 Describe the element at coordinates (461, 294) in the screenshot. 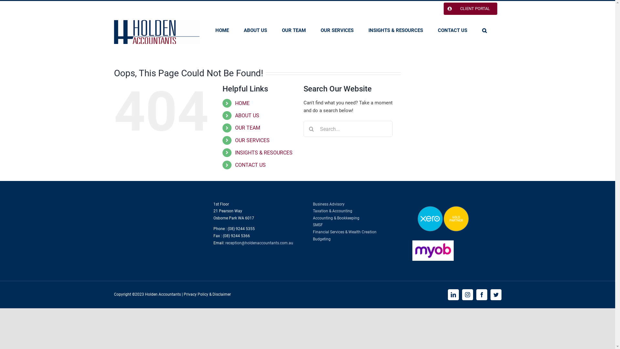

I see `'Instagram'` at that location.